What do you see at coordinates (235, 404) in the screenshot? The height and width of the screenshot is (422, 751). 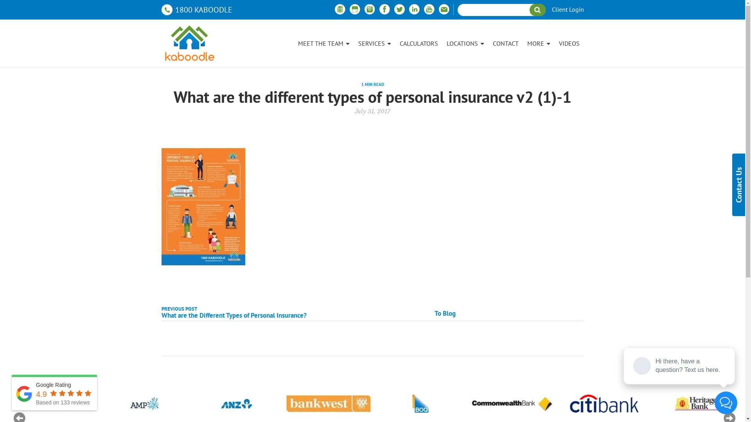 I see `'Logo 04'` at bounding box center [235, 404].